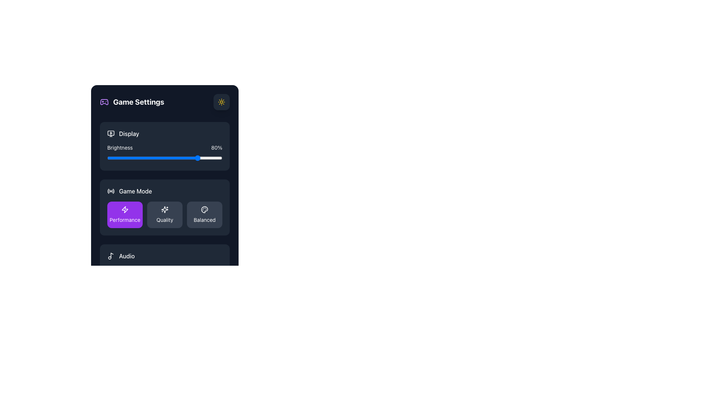  Describe the element at coordinates (164, 210) in the screenshot. I see `the Decorative Icon located in the top-right corner of the settings menu interface, which represents a sparkle or highlights visual metaphor` at that location.